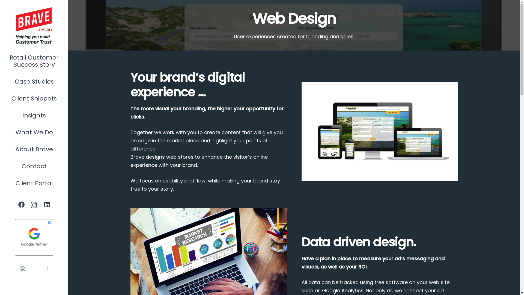 The height and width of the screenshot is (295, 524). Describe the element at coordinates (34, 61) in the screenshot. I see `'Retail Customer Success Story'` at that location.